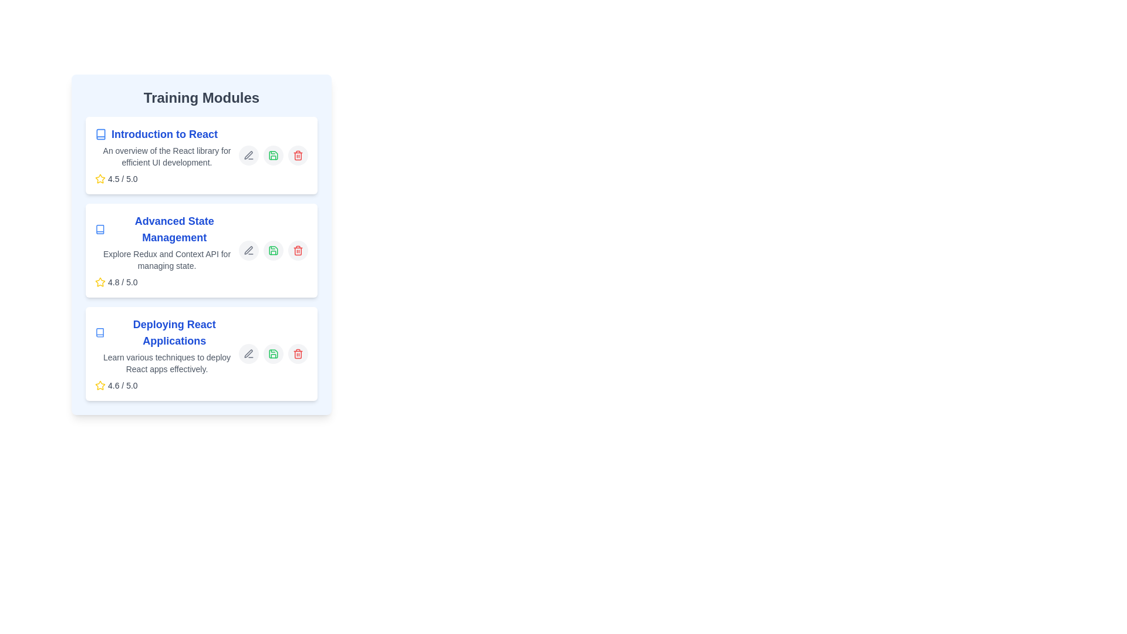 This screenshot has height=634, width=1127. What do you see at coordinates (272, 250) in the screenshot?
I see `the save icon in the control button group for the list item titled 'Advanced State Management'` at bounding box center [272, 250].